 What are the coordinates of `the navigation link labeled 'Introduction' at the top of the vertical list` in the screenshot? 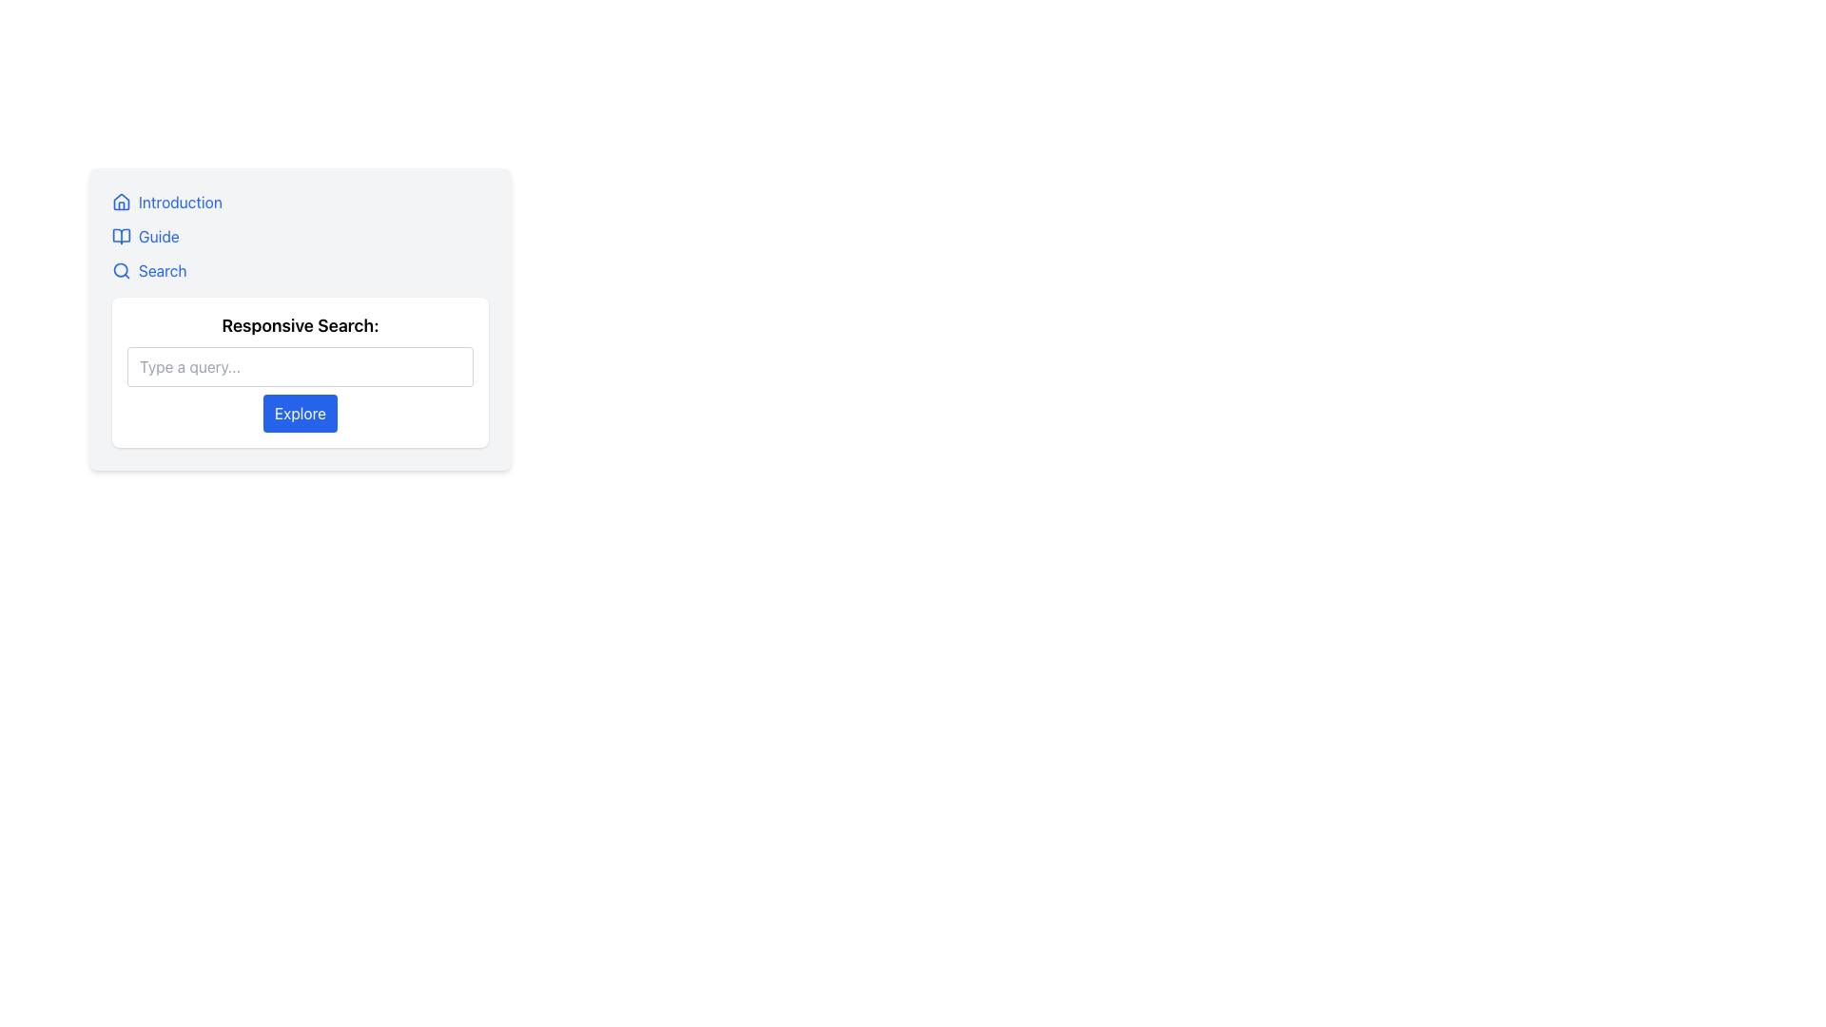 It's located at (300, 202).